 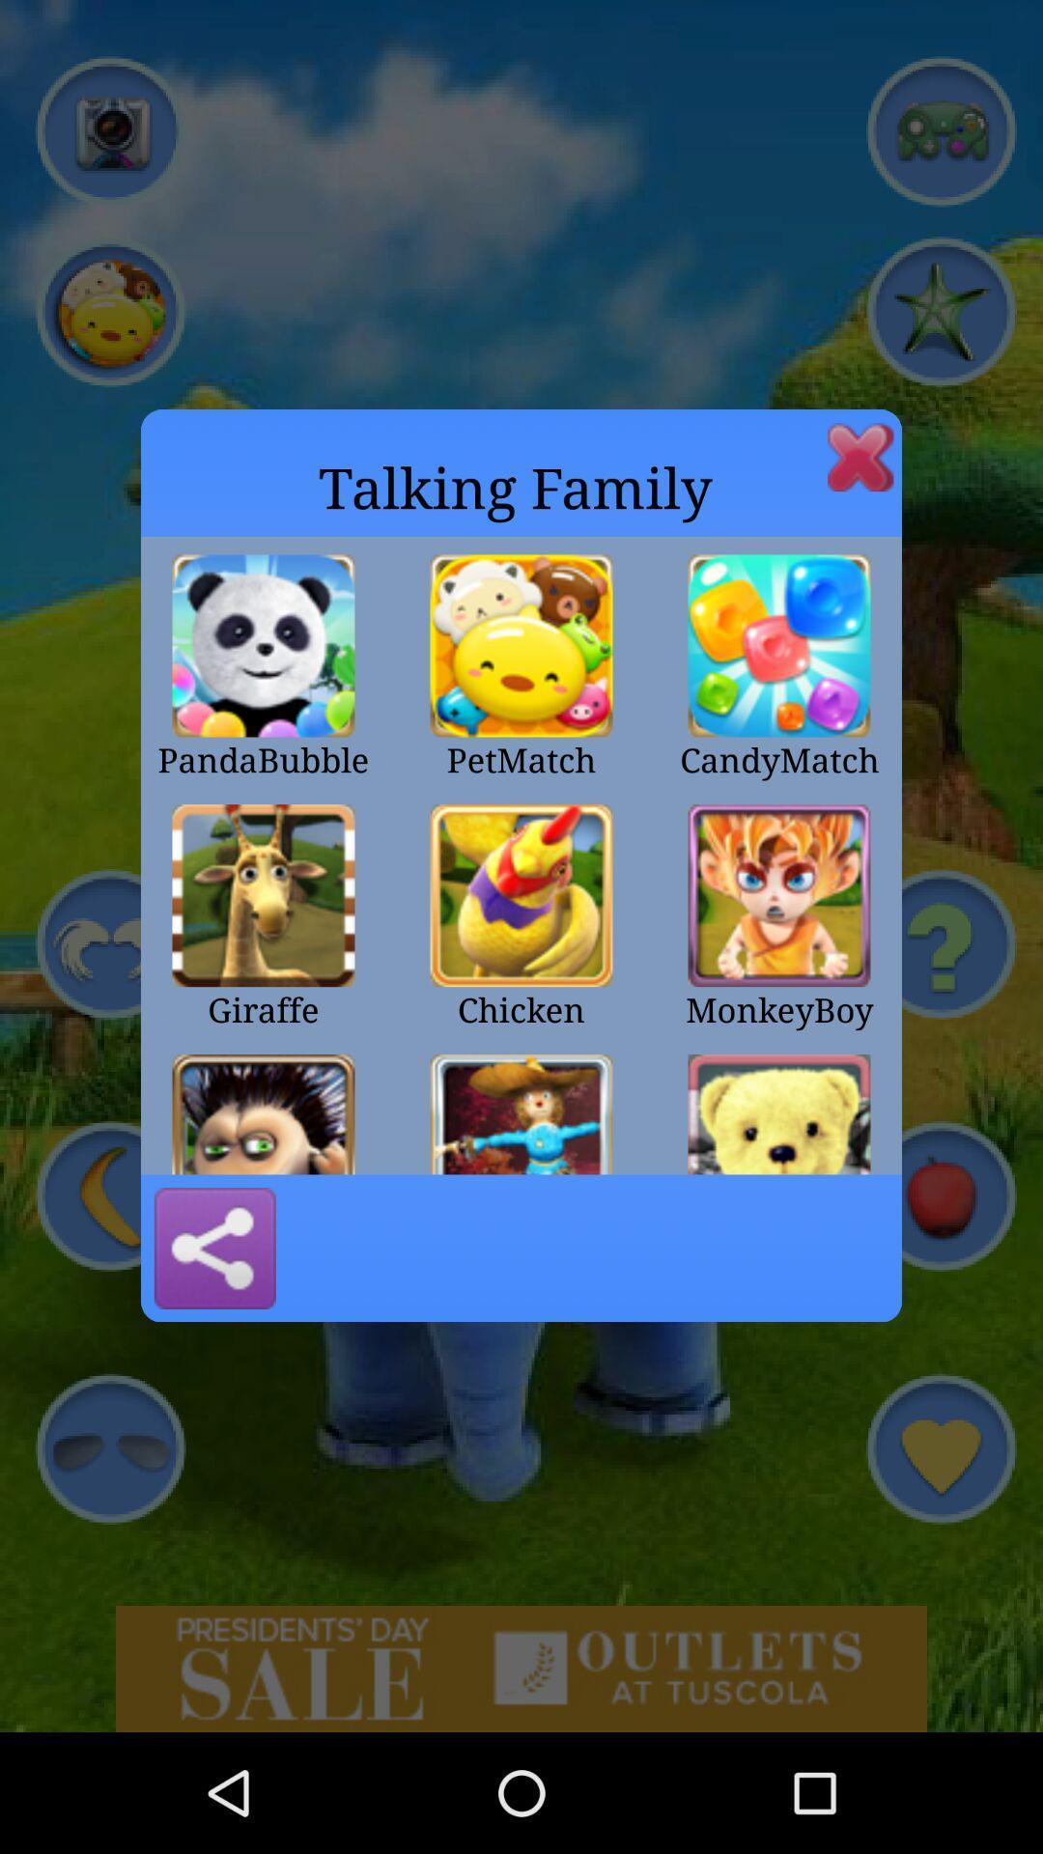 What do you see at coordinates (860, 456) in the screenshot?
I see `item at the top right corner` at bounding box center [860, 456].